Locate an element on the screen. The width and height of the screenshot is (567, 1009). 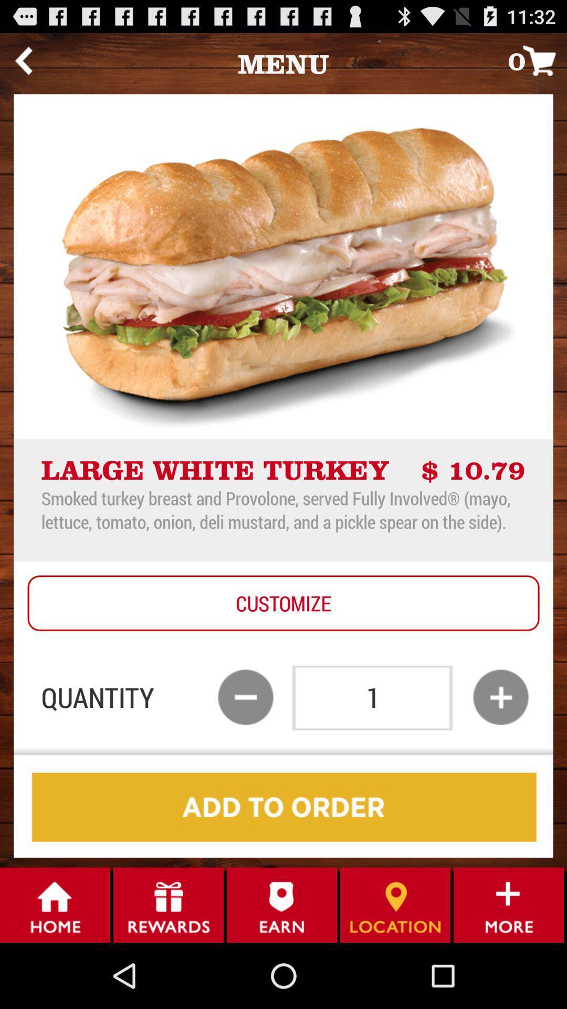
the icon next to the menu icon is located at coordinates (23, 60).